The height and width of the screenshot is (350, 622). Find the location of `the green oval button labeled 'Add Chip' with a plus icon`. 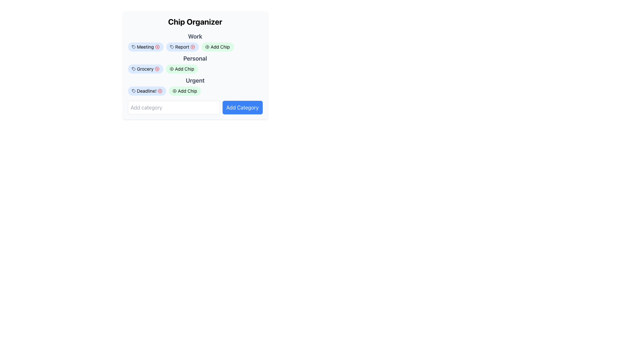

the green oval button labeled 'Add Chip' with a plus icon is located at coordinates (184, 91).